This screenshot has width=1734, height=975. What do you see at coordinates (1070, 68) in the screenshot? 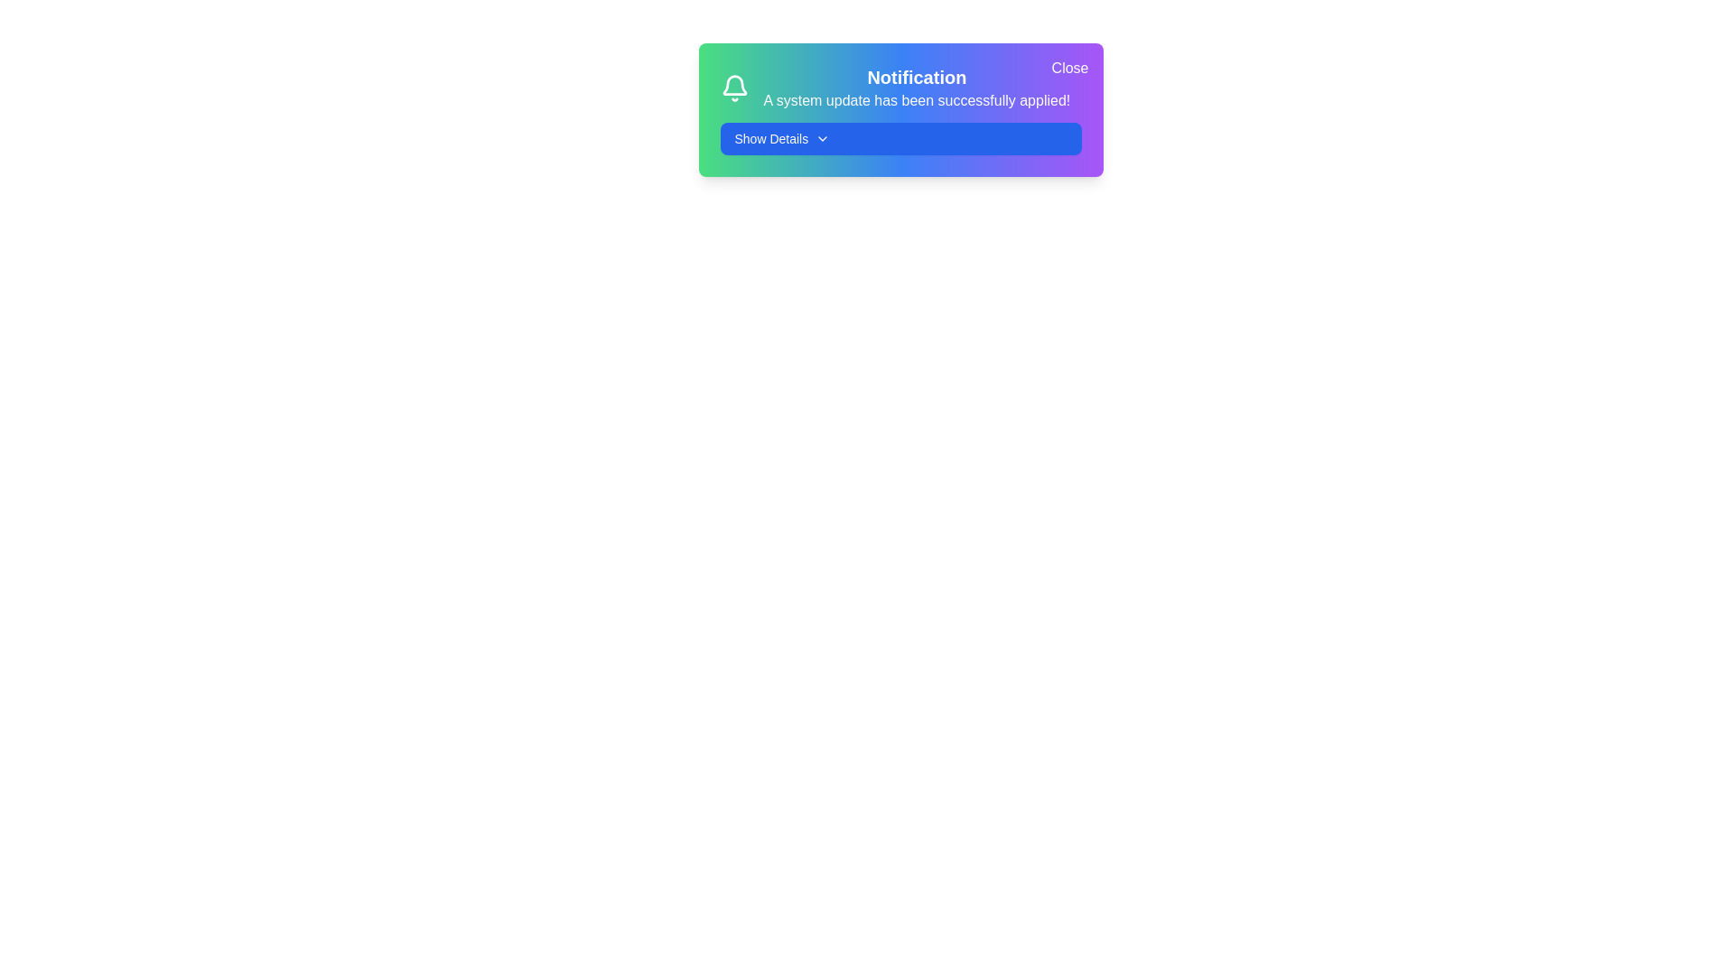
I see `the 'Close' button to dismiss the notification` at bounding box center [1070, 68].